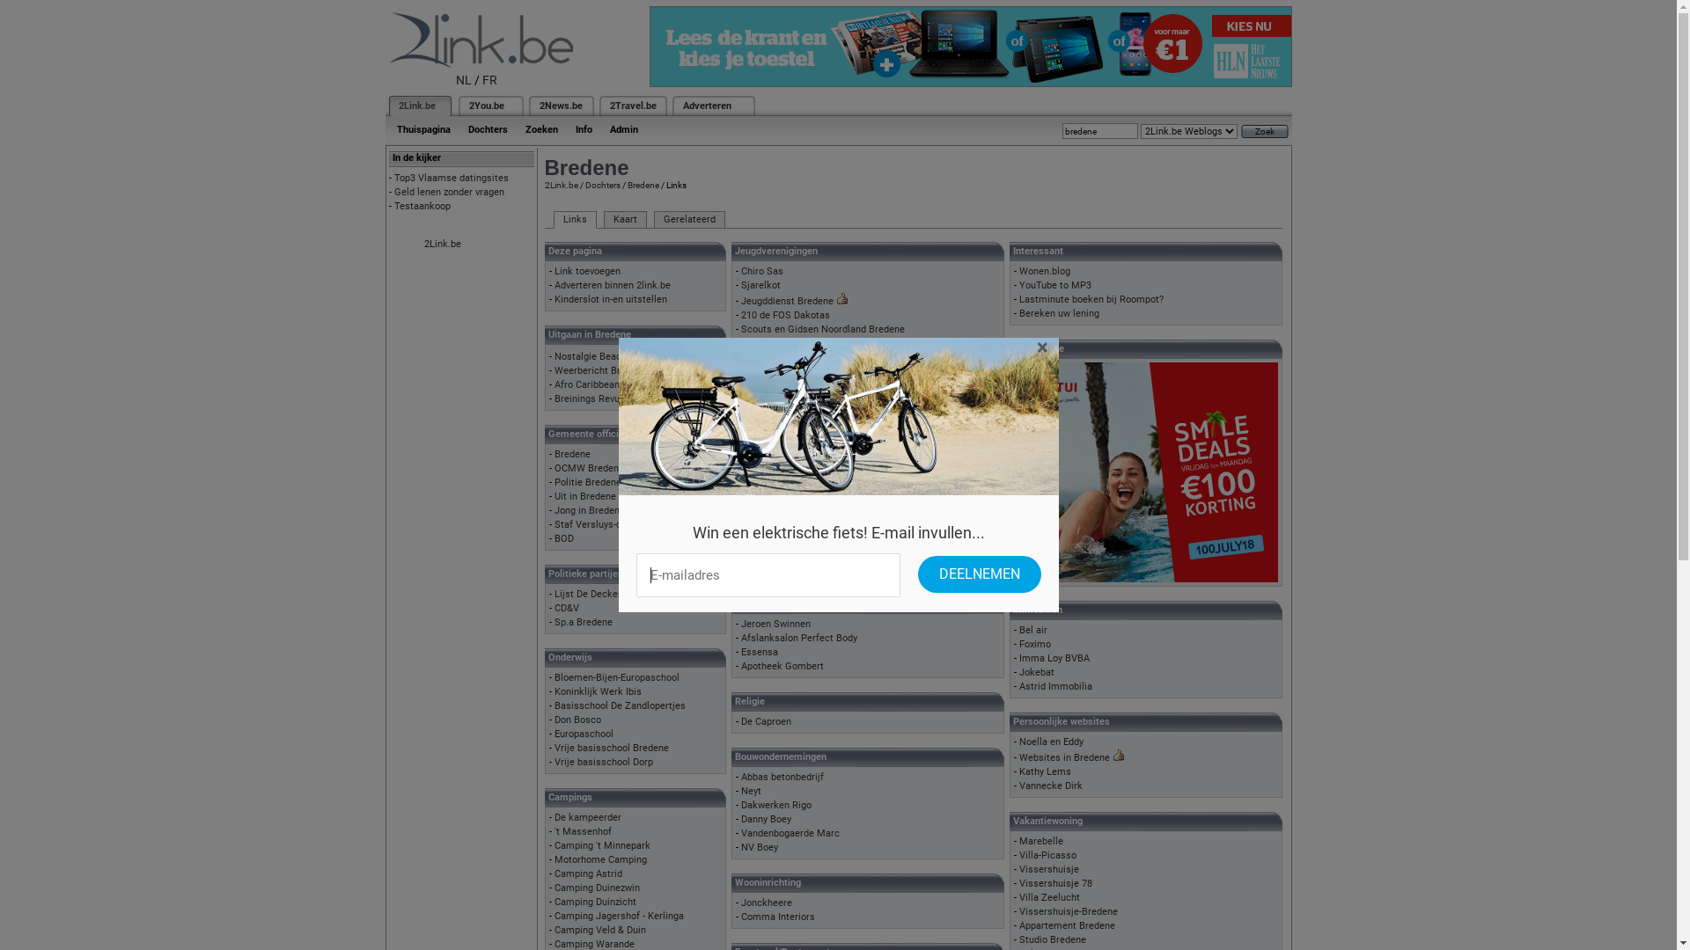 Image resolution: width=1690 pixels, height=950 pixels. Describe the element at coordinates (1035, 644) in the screenshot. I see `'Foximo'` at that location.